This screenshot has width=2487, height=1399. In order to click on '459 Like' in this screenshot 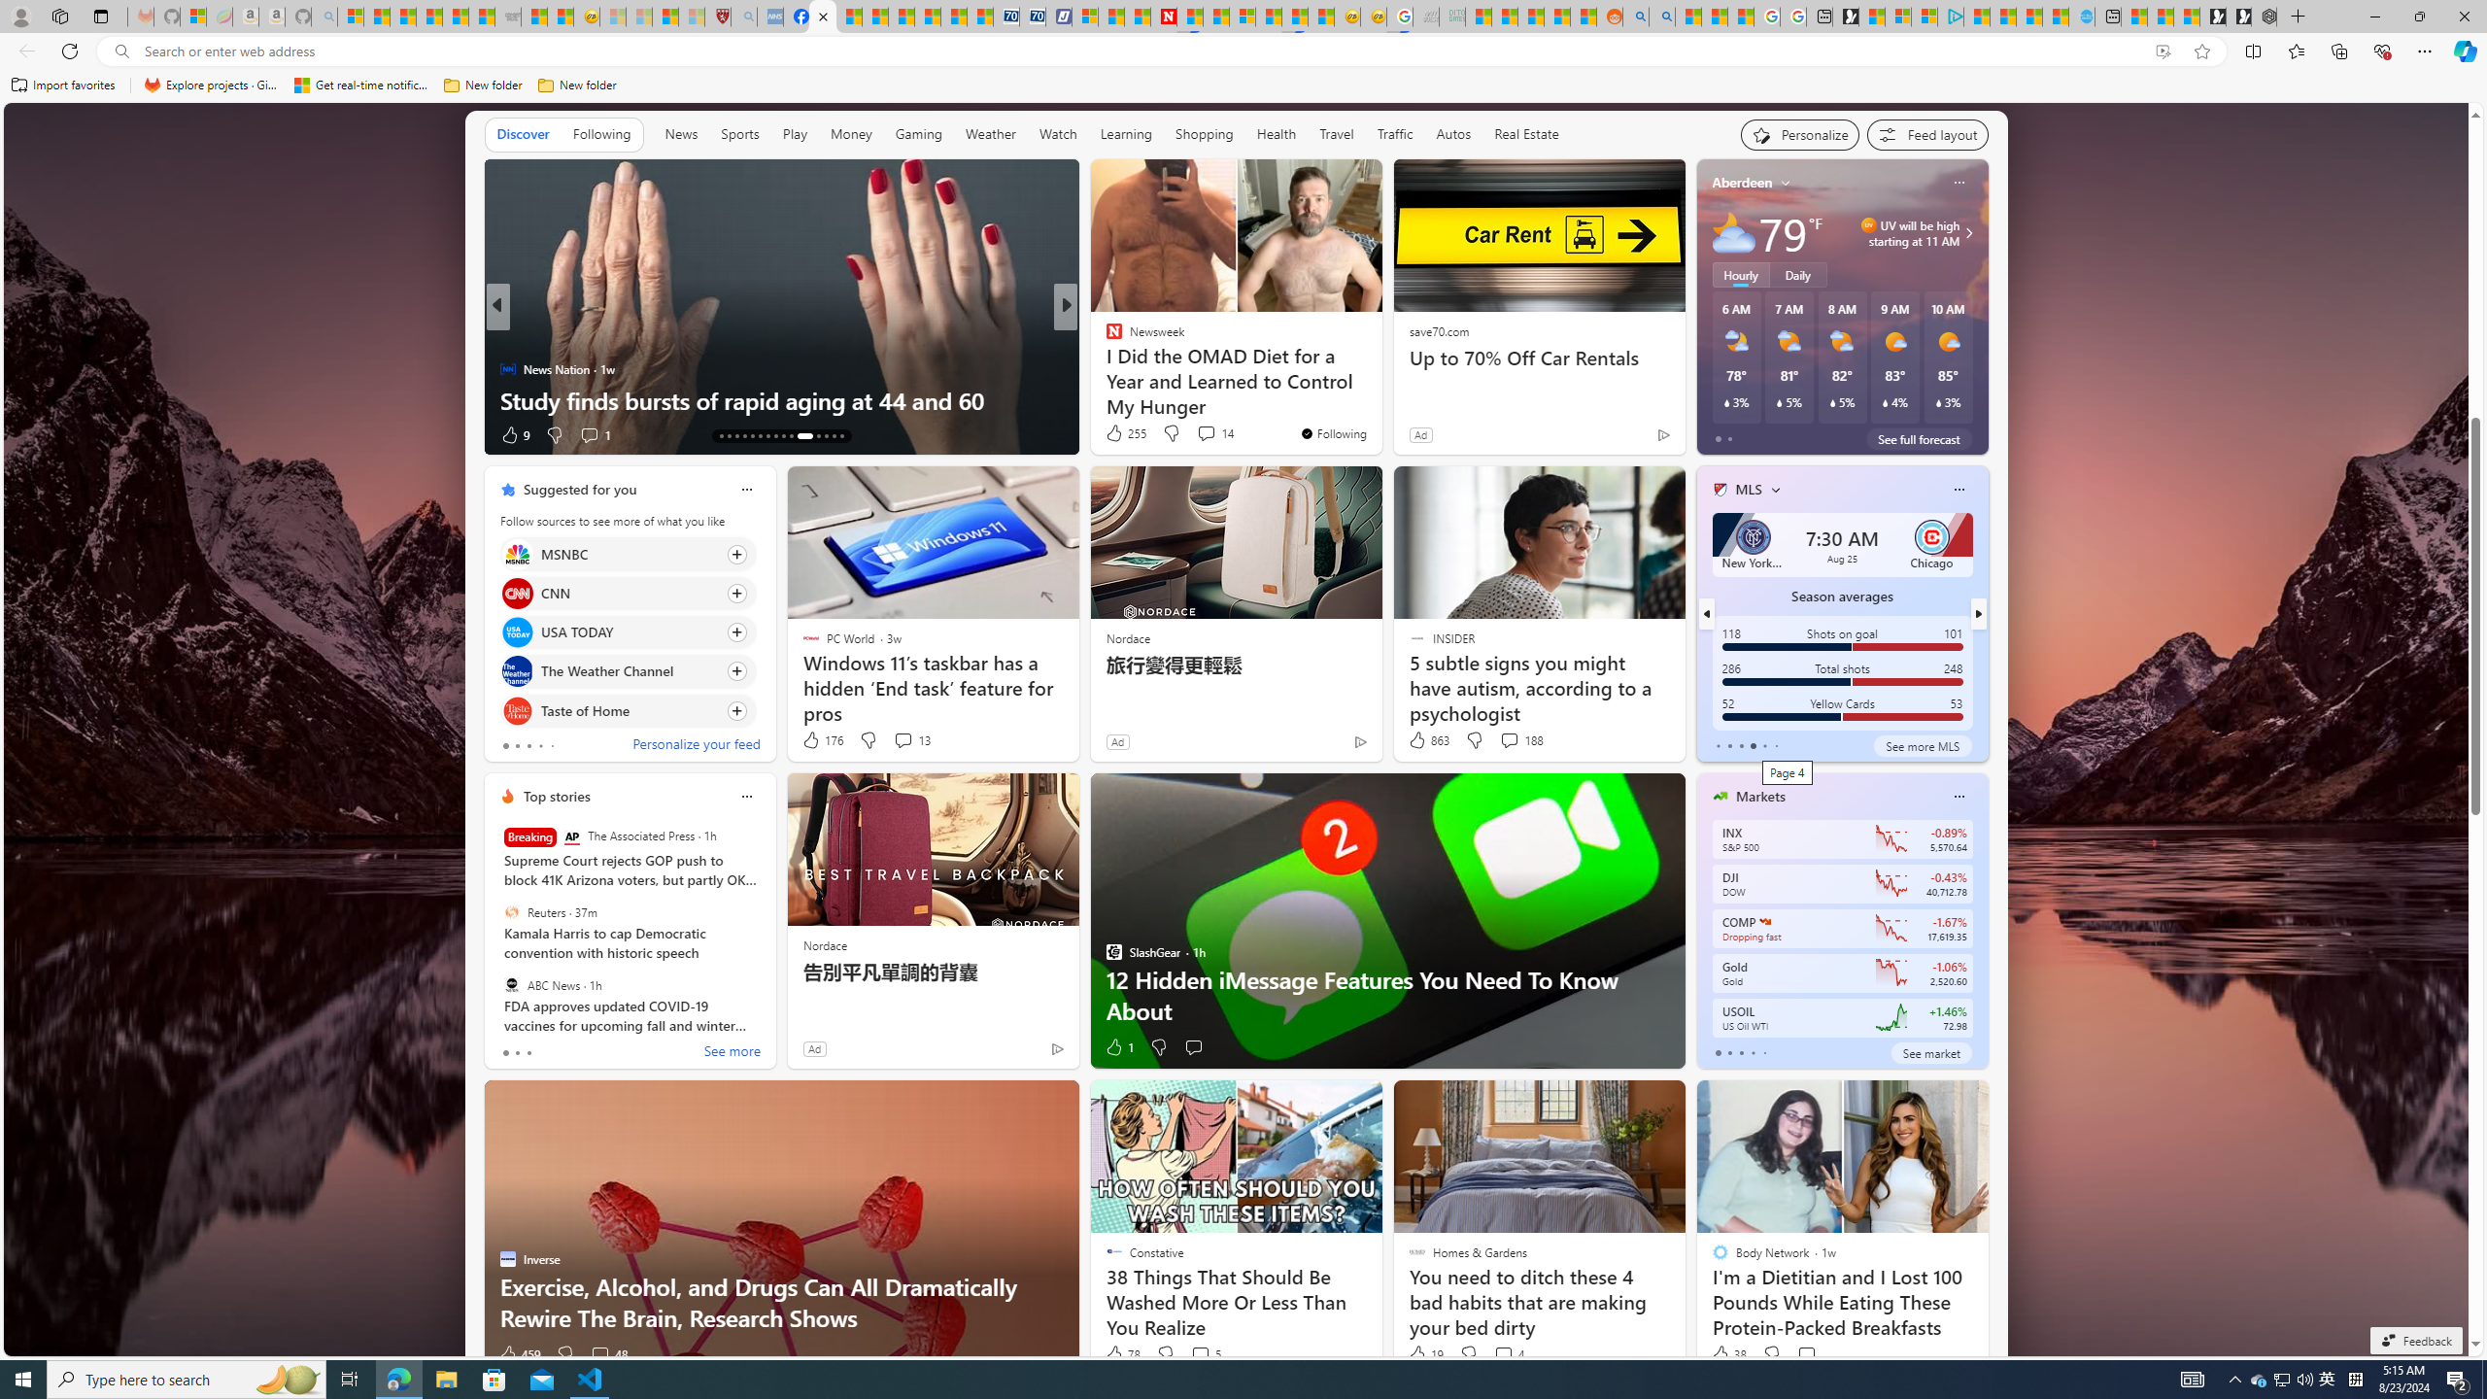, I will do `click(518, 1353)`.